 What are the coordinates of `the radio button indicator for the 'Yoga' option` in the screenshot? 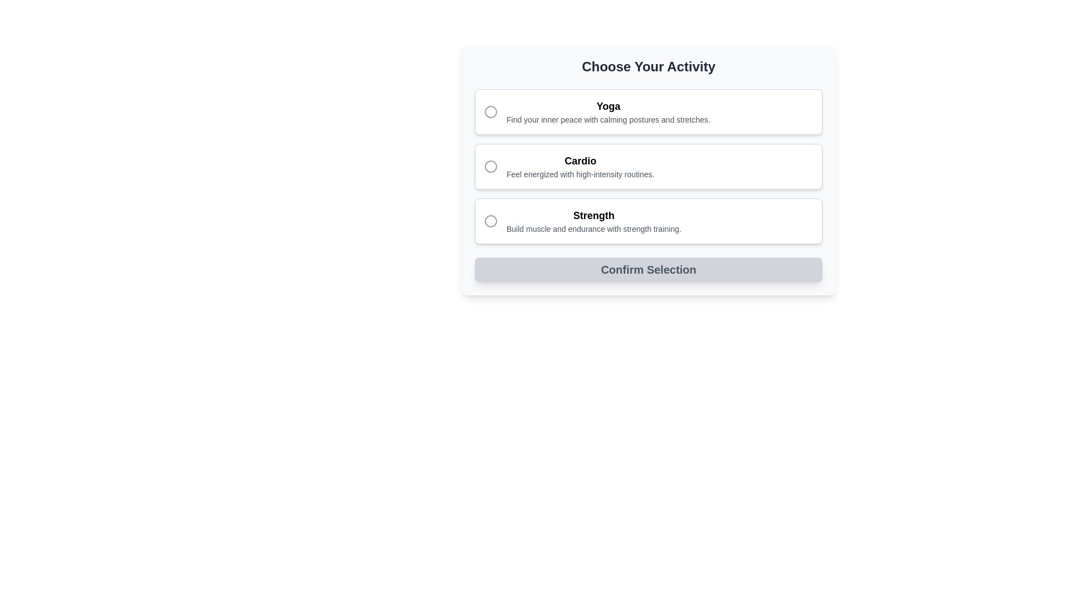 It's located at (490, 111).